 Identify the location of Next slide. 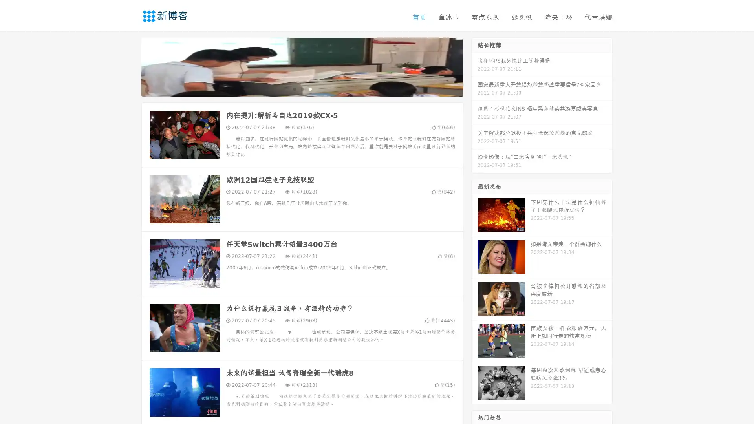
(474, 66).